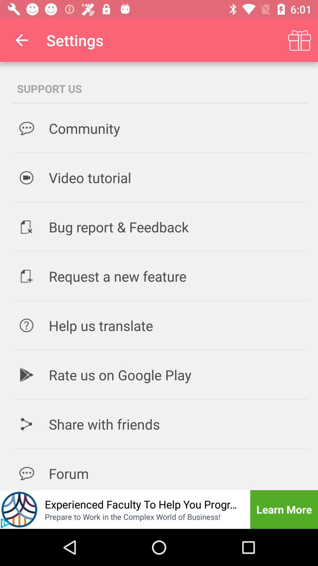 Image resolution: width=318 pixels, height=566 pixels. What do you see at coordinates (5, 523) in the screenshot?
I see `the play icon` at bounding box center [5, 523].